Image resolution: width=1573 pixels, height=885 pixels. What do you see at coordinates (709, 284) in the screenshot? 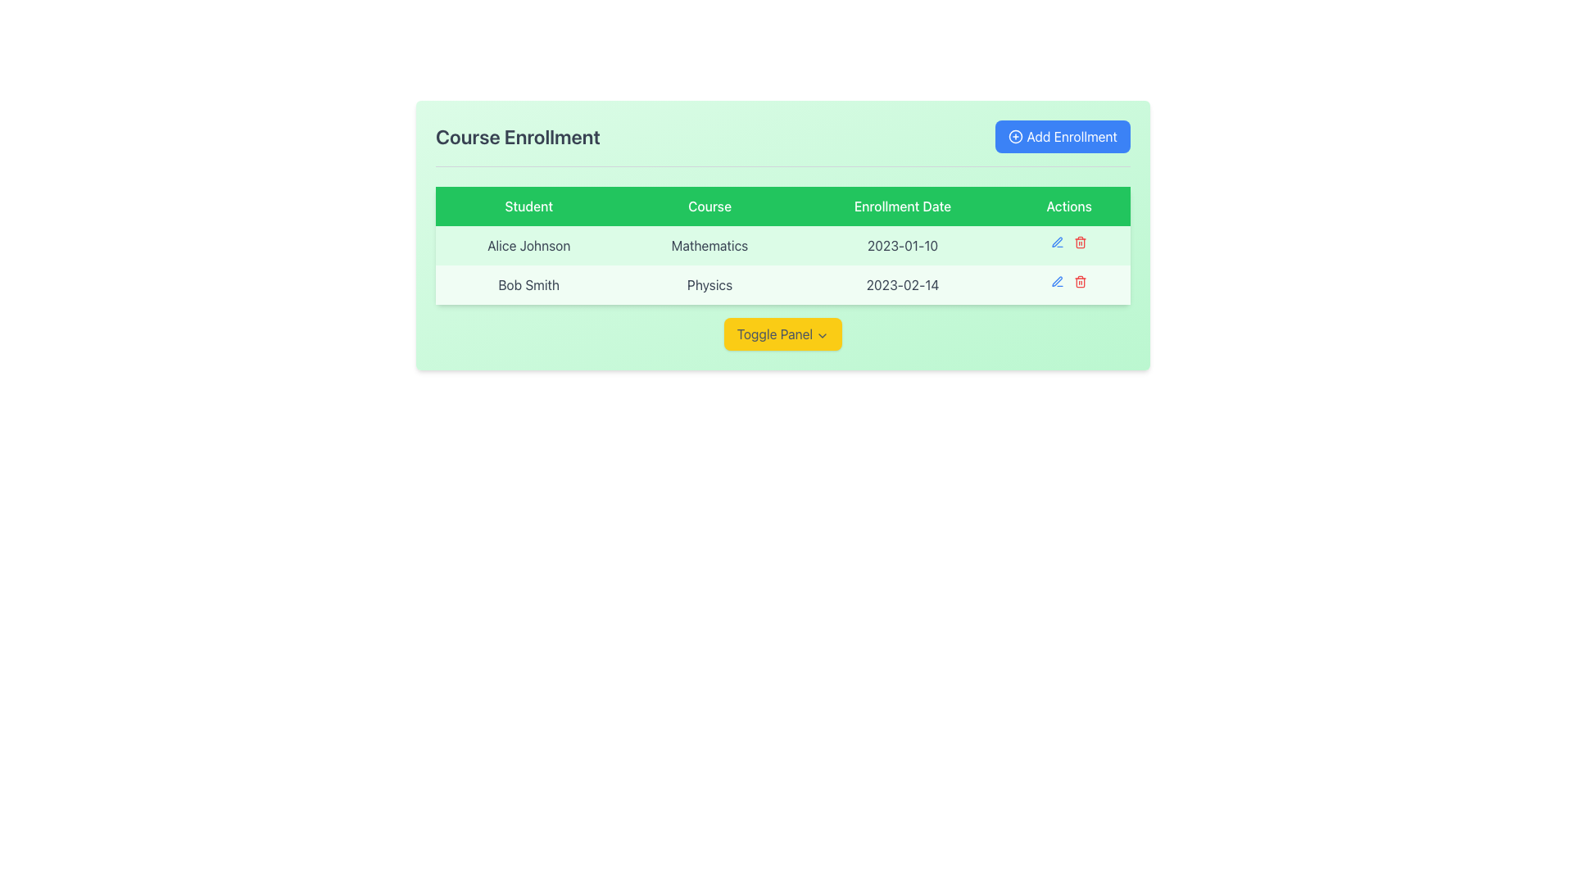
I see `the text label representing the name of a course associated with a student, located in the second row under the 'Course' column of the enrollment table` at bounding box center [709, 284].